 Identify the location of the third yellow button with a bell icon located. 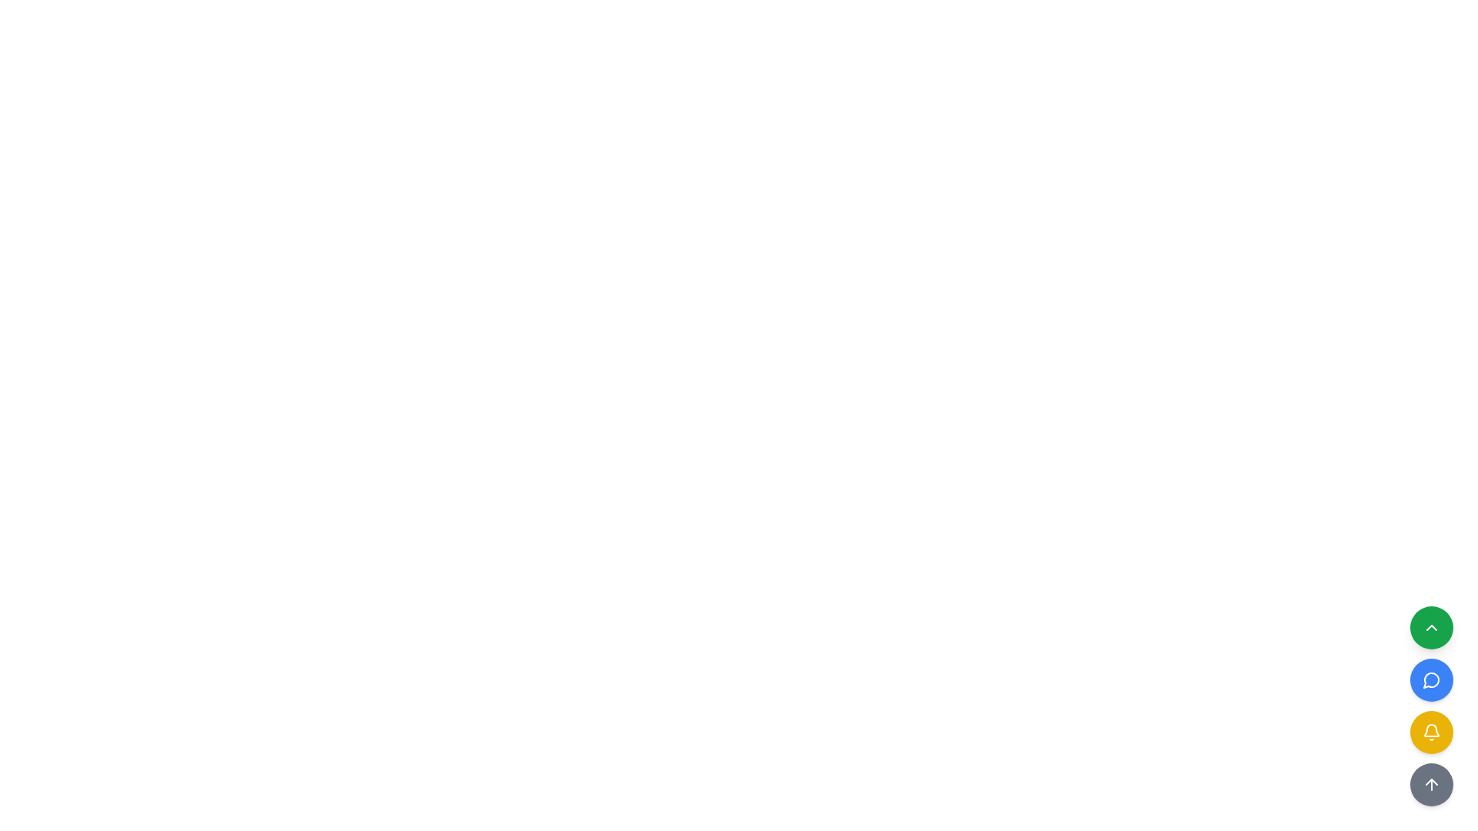
(1431, 706).